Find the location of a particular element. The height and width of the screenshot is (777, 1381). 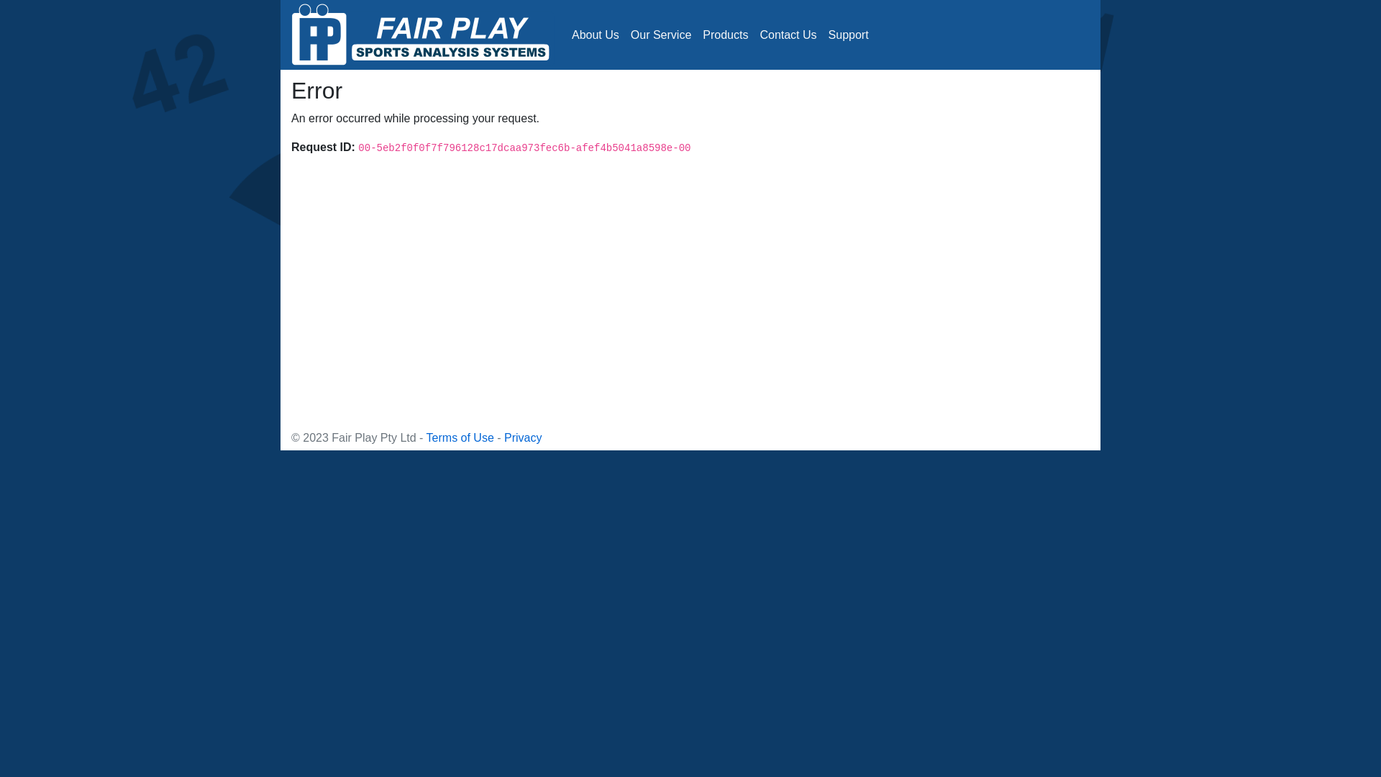

'Products' is located at coordinates (725, 33).